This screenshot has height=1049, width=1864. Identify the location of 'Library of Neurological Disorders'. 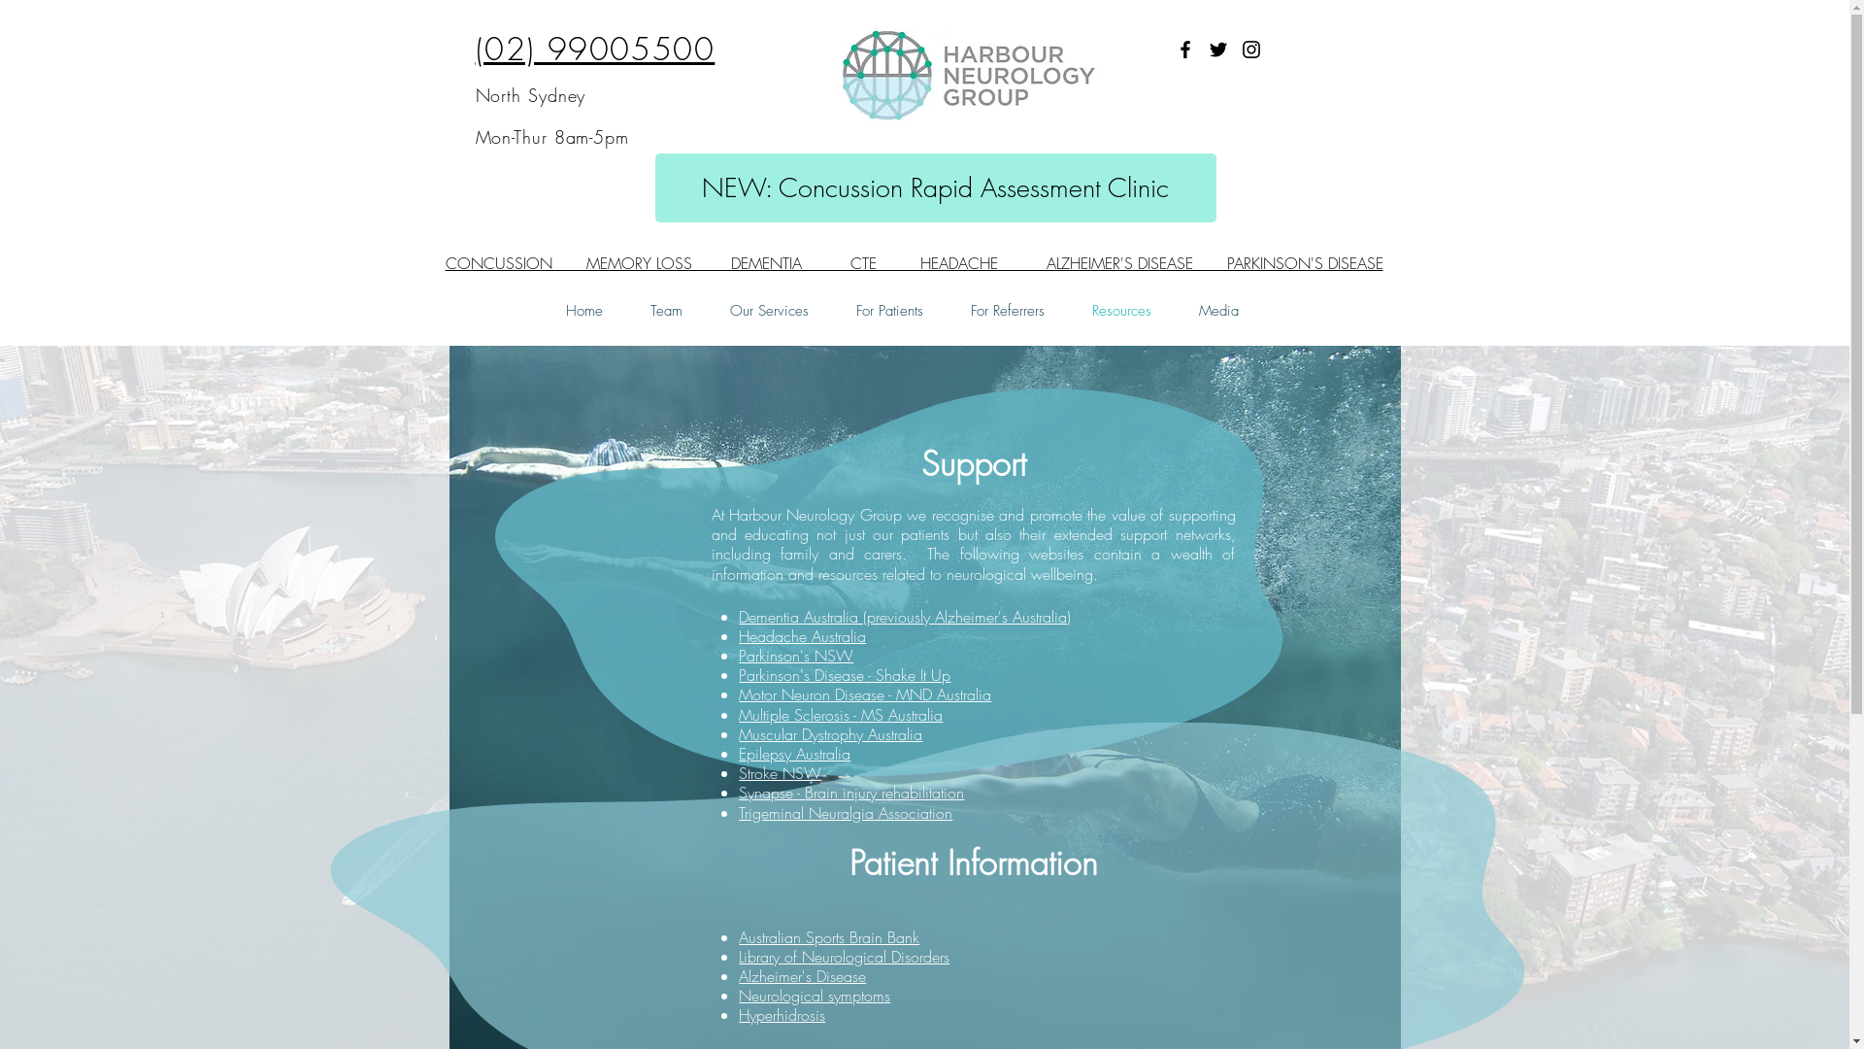
(738, 955).